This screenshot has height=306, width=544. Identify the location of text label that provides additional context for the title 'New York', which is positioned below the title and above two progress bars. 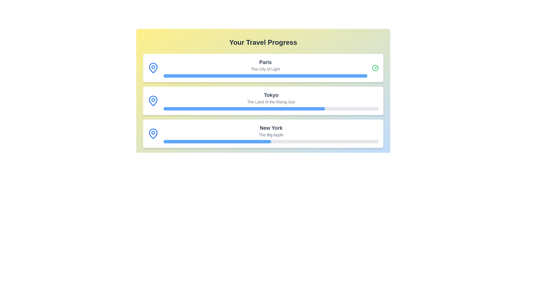
(271, 135).